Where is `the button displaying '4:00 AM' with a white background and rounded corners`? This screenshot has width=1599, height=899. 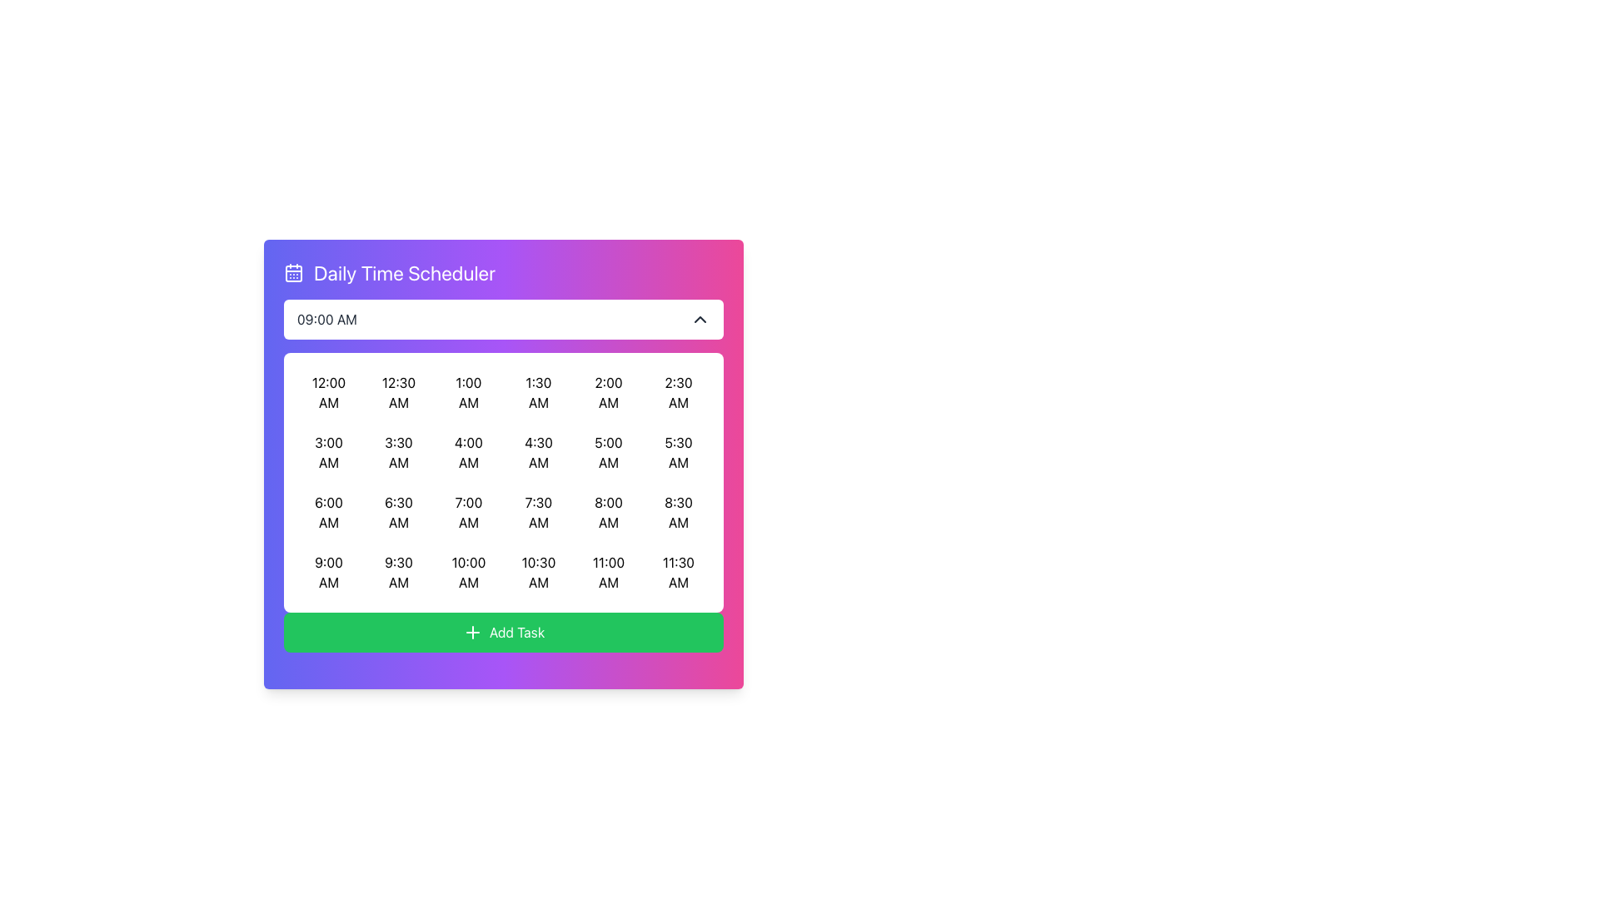 the button displaying '4:00 AM' with a white background and rounded corners is located at coordinates (467, 452).